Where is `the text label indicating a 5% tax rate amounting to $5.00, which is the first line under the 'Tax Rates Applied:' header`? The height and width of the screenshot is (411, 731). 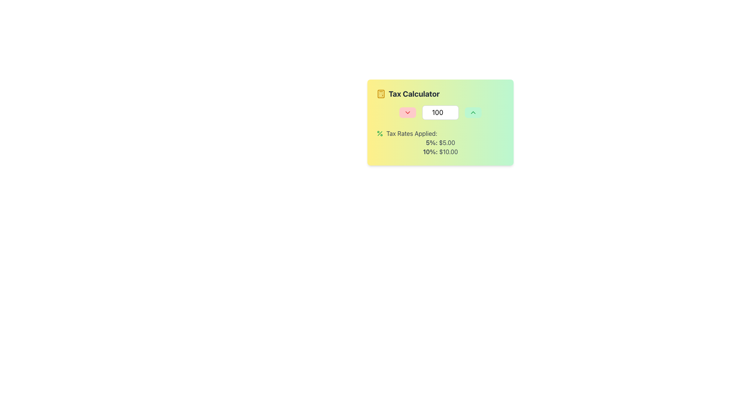
the text label indicating a 5% tax rate amounting to $5.00, which is the first line under the 'Tax Rates Applied:' header is located at coordinates (440, 142).